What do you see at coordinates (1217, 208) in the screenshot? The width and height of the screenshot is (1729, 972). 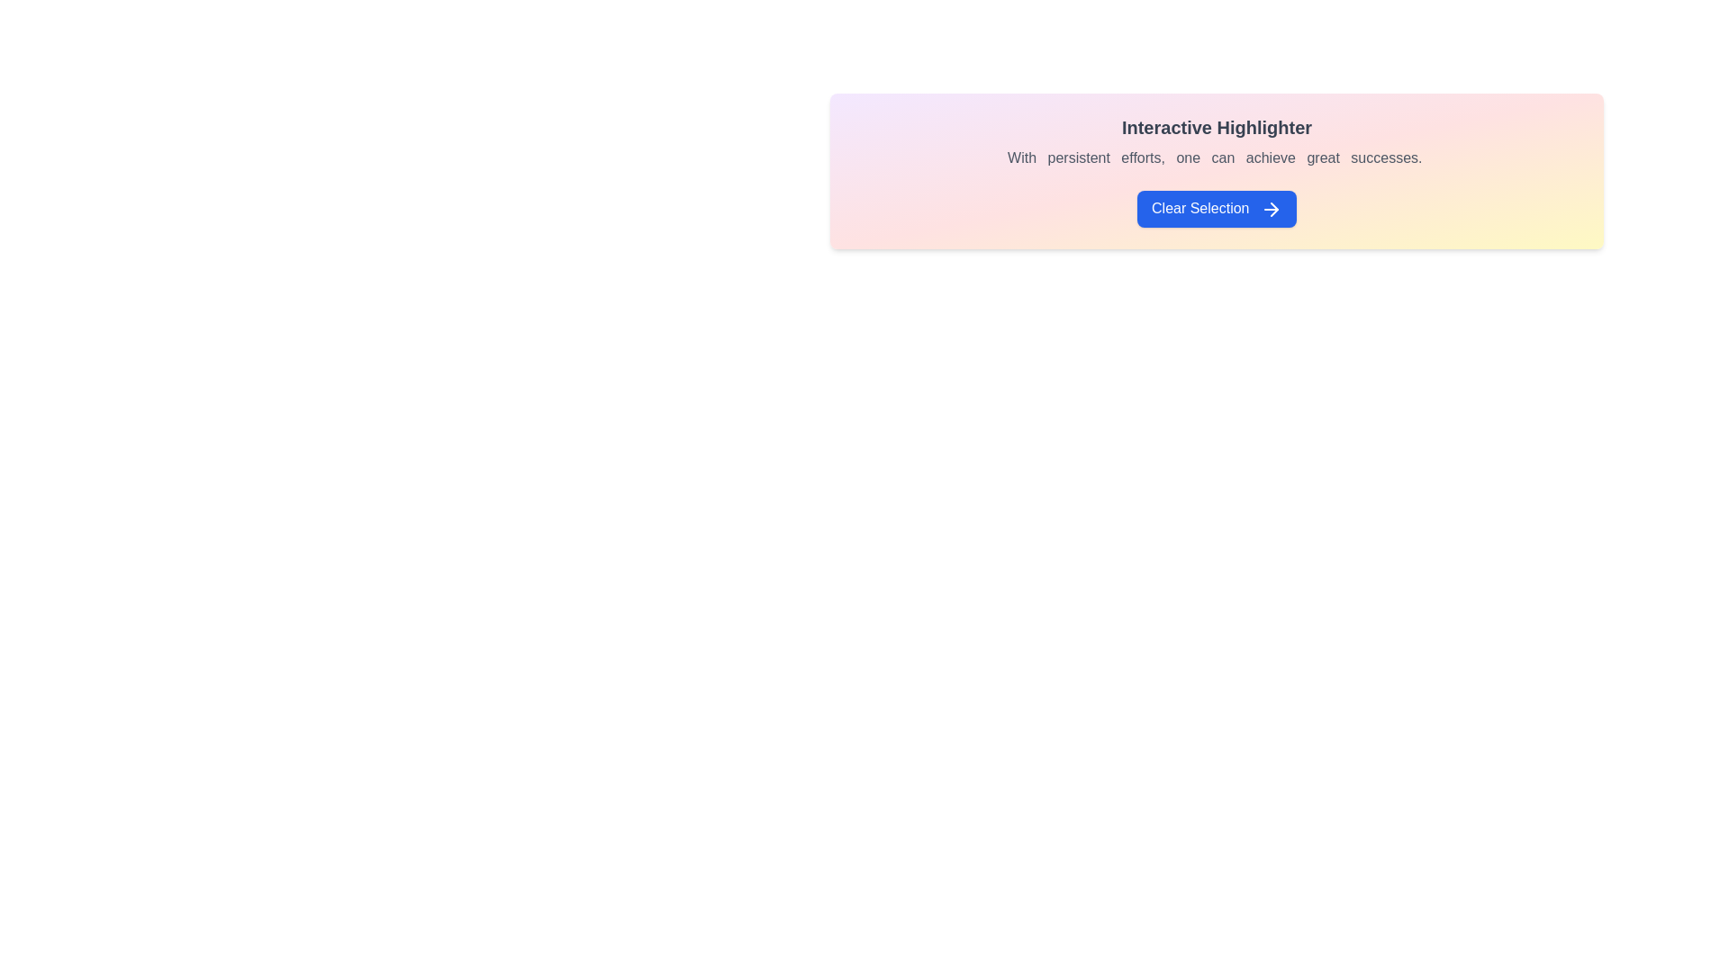 I see `the clear selection button to observe its hover effects, located within a horizontal layout next to a title and subtitle` at bounding box center [1217, 208].